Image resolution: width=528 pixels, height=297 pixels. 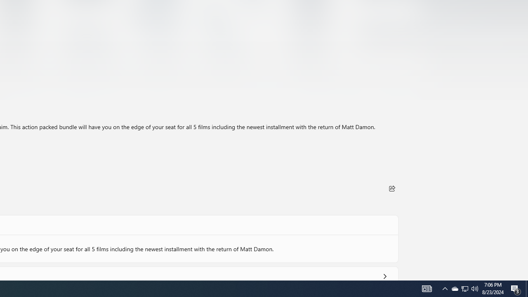 I want to click on 'Share', so click(x=391, y=188).